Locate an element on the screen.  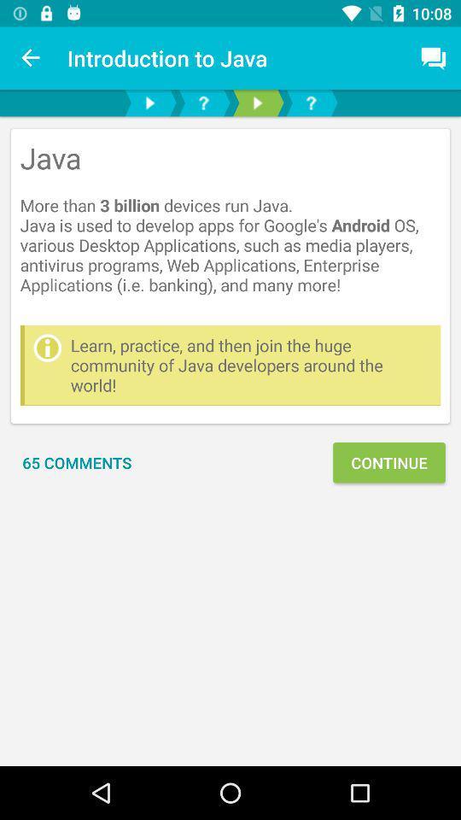
a tab with a is located at coordinates (203, 102).